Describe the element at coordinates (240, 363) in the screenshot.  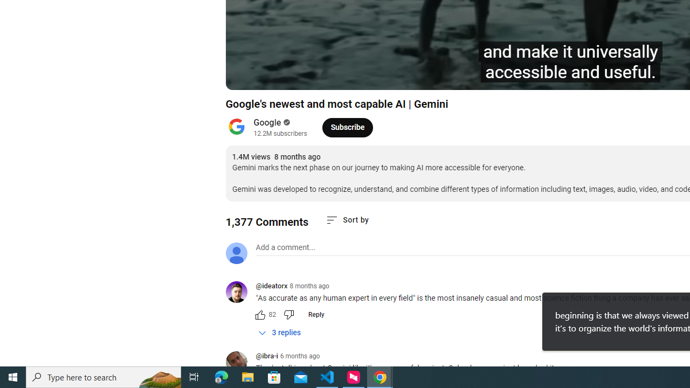
I see `'@ibra-i'` at that location.